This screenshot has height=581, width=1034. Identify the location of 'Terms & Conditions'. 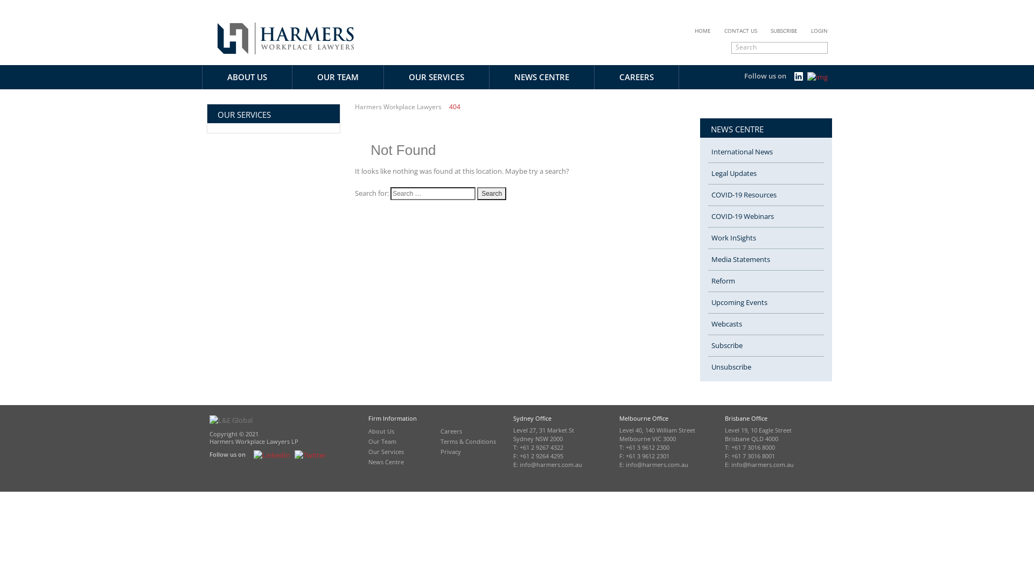
(468, 441).